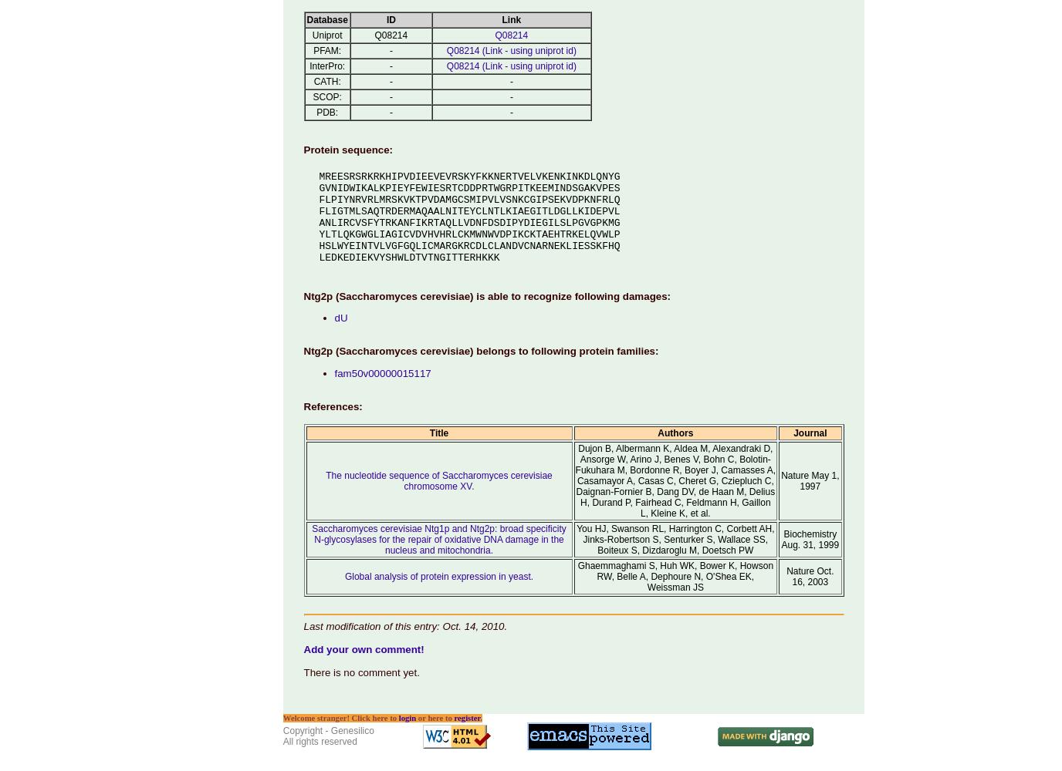 The image size is (1062, 771). Describe the element at coordinates (305, 19) in the screenshot. I see `'Database'` at that location.